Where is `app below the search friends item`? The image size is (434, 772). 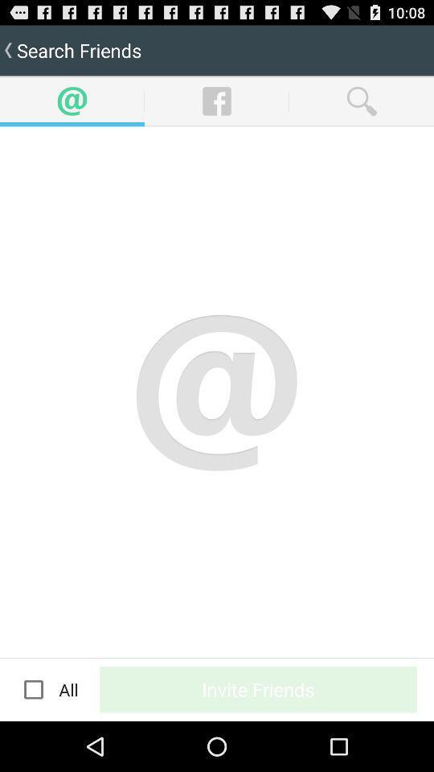 app below the search friends item is located at coordinates (34, 688).